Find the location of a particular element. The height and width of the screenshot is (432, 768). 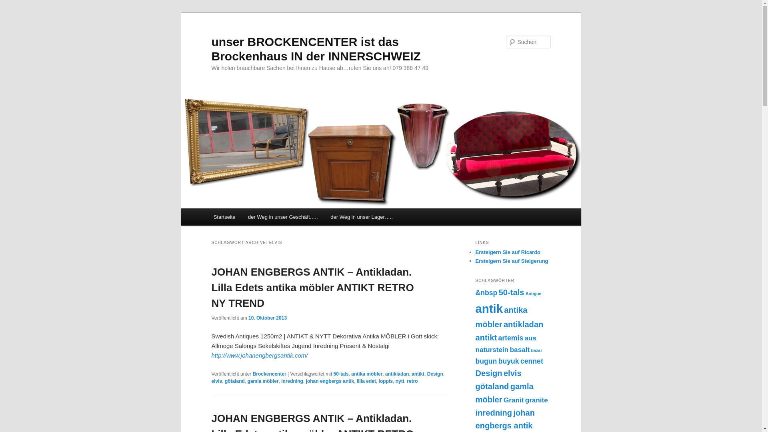

'bazar' is located at coordinates (536, 350).